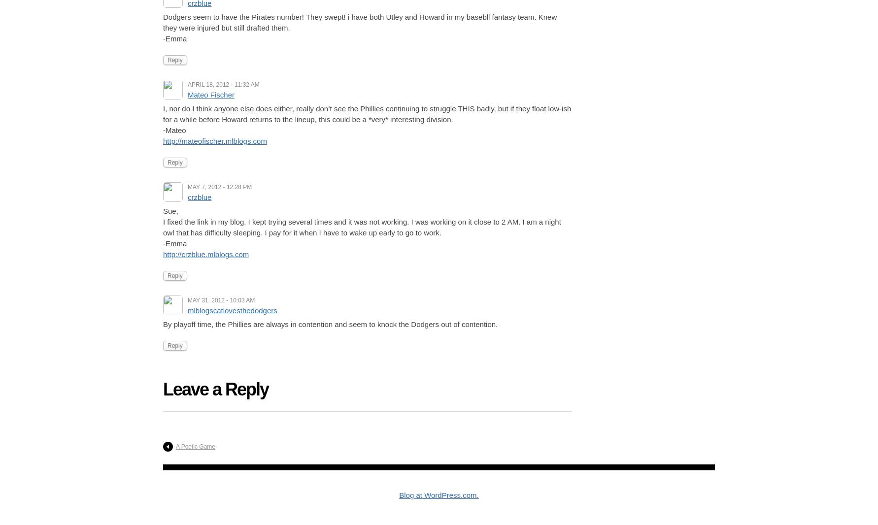 The image size is (878, 525). Describe the element at coordinates (206, 254) in the screenshot. I see `'http://crzblue.mlblogs.com'` at that location.